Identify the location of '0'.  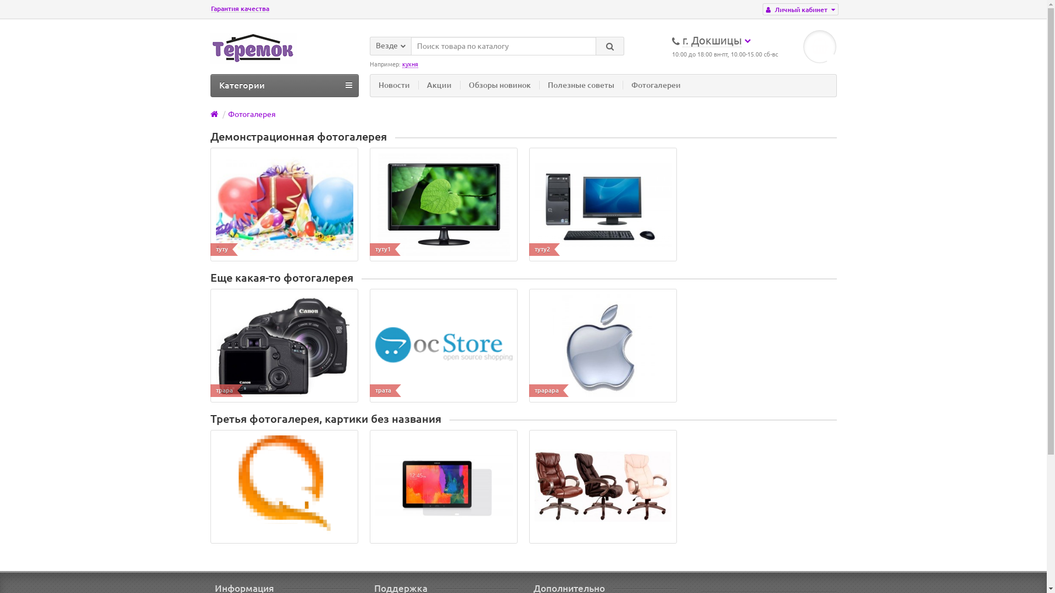
(820, 46).